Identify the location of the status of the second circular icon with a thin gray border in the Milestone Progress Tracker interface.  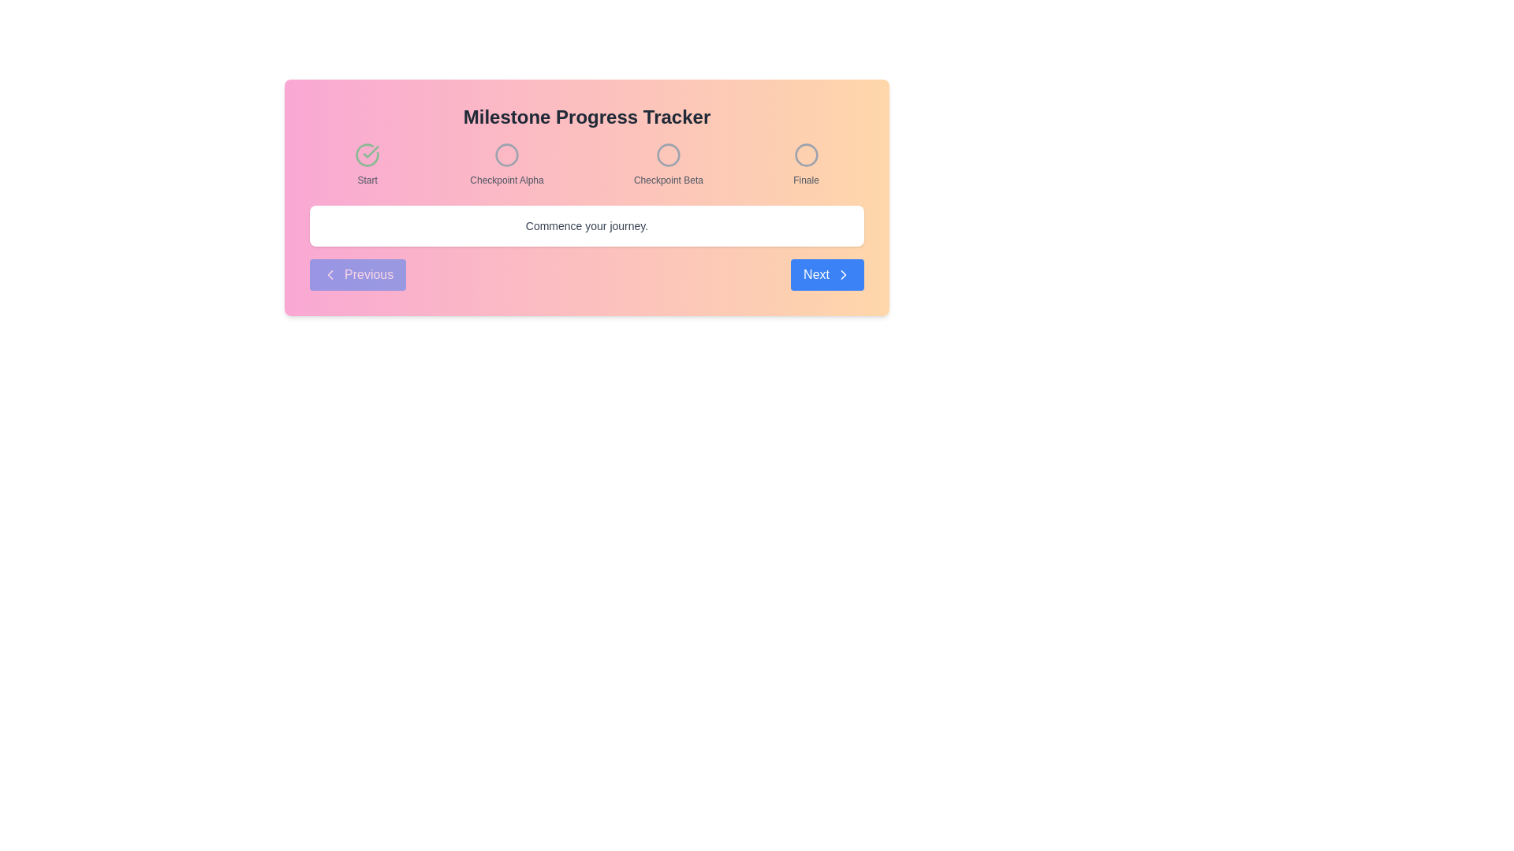
(668, 154).